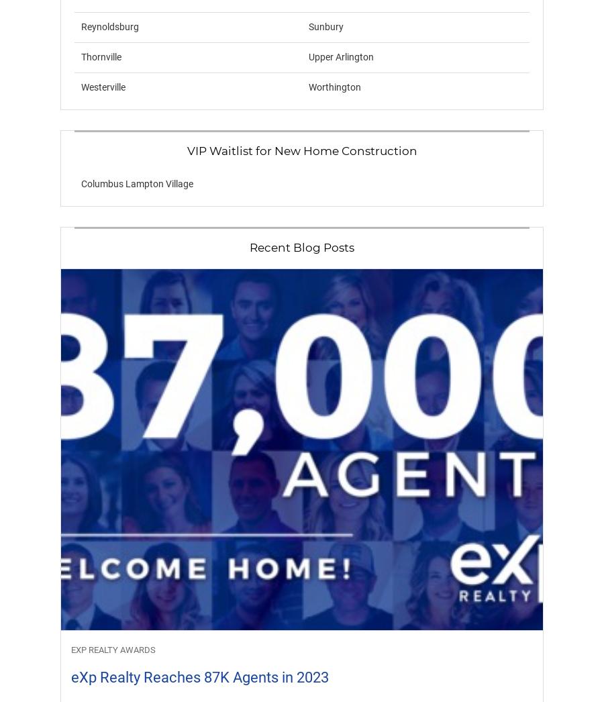  I want to click on 'Reynoldsburg', so click(81, 26).